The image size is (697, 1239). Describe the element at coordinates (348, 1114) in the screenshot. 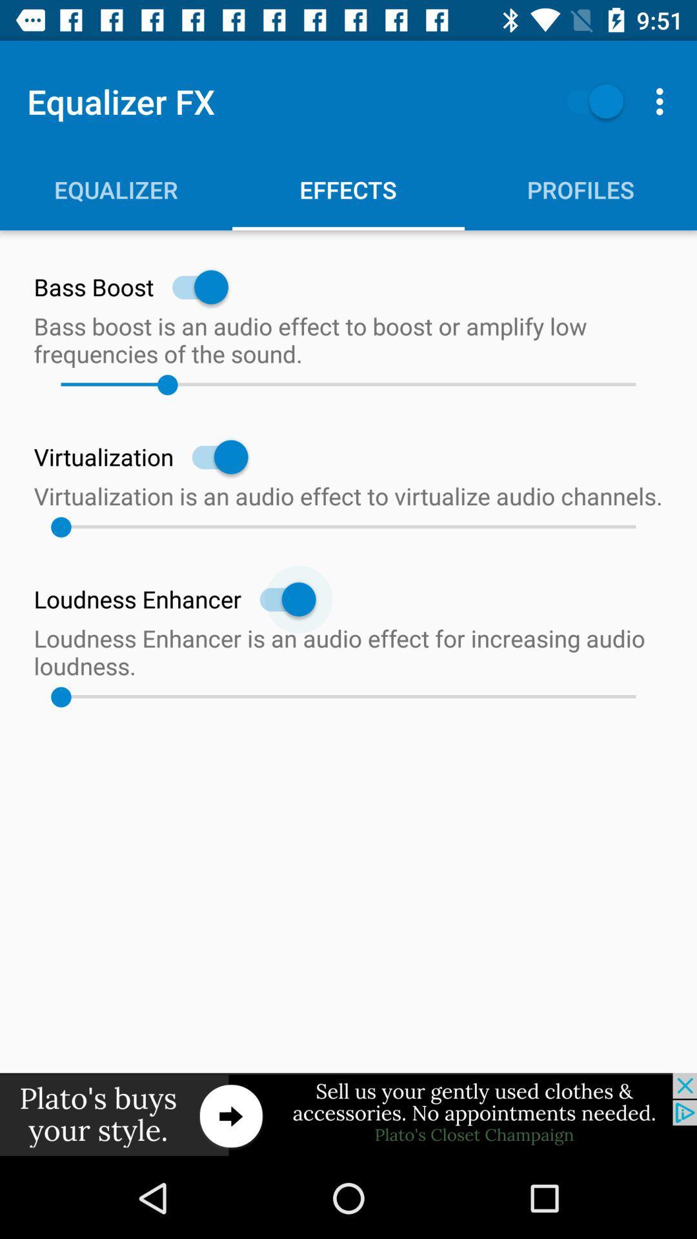

I see `visit this site` at that location.